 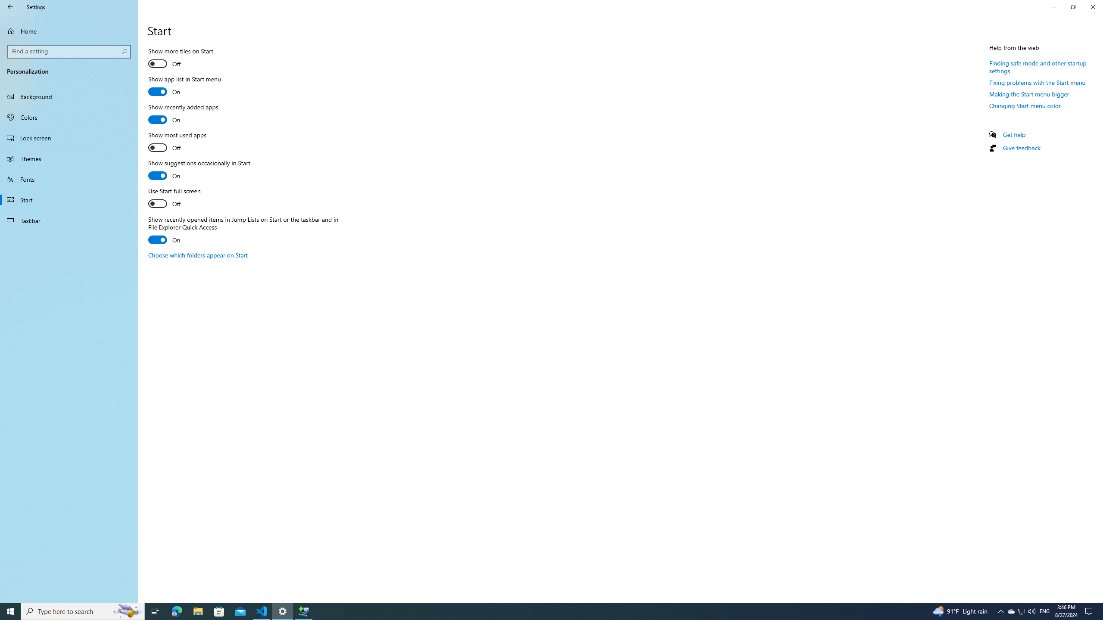 I want to click on 'Microsoft Store', so click(x=219, y=611).